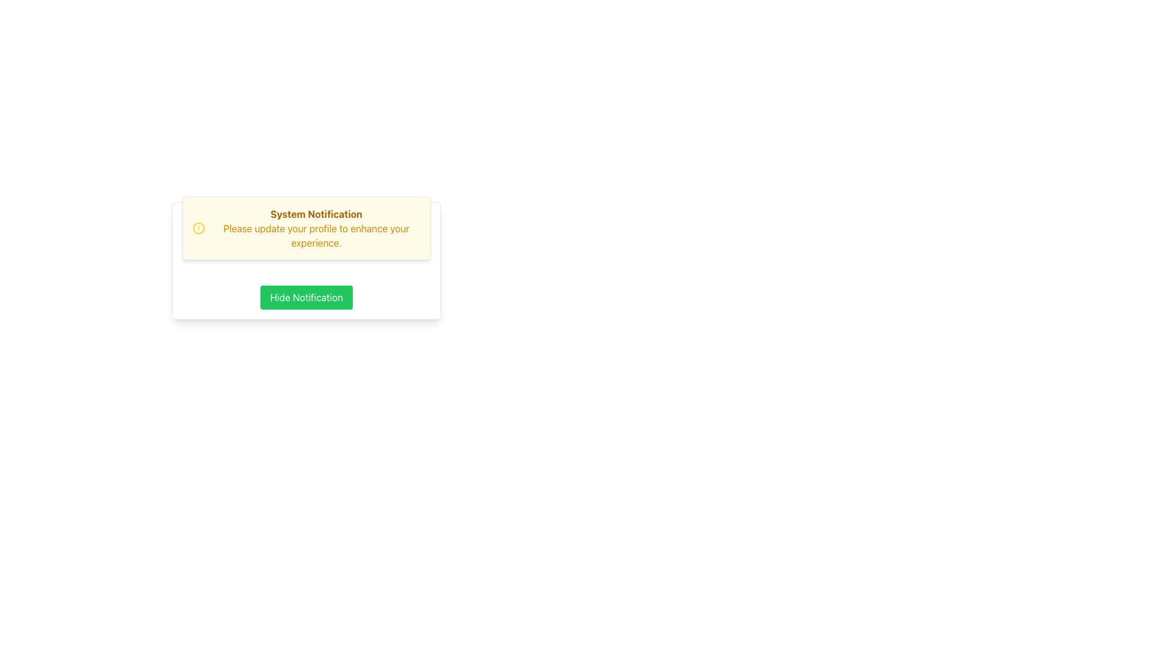  I want to click on notification displayed in the rectangular notification box with a yellow background, titled 'System Notification' in brown text, located at the specified coordinates, so click(306, 241).